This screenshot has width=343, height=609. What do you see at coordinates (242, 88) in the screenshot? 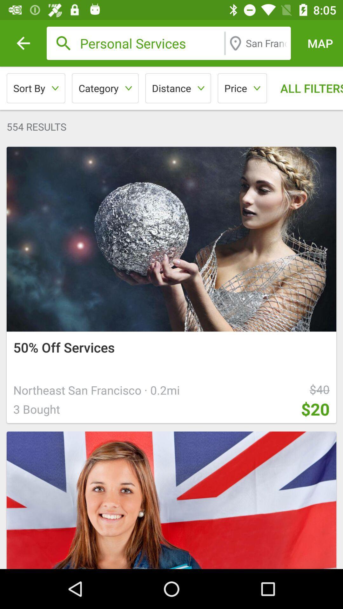
I see `icon below personal services item` at bounding box center [242, 88].